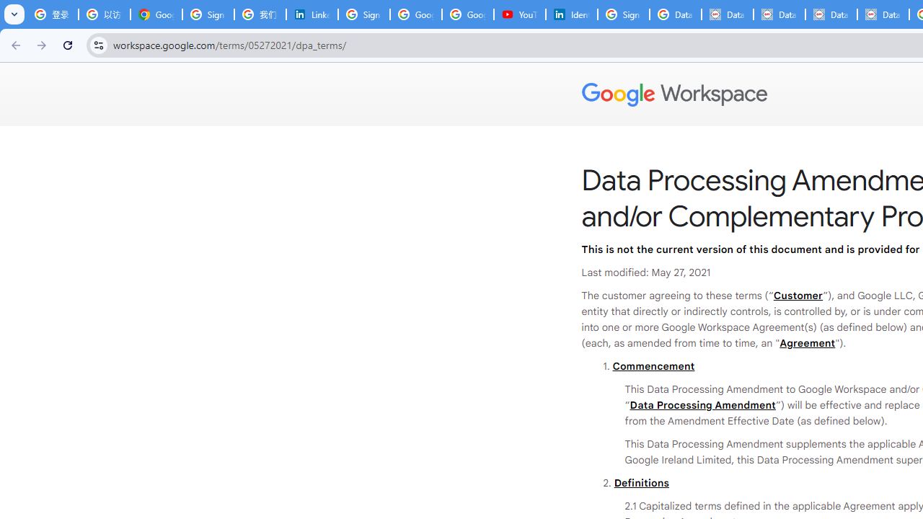 The height and width of the screenshot is (519, 923). Describe the element at coordinates (311, 14) in the screenshot. I see `'LinkedIn Privacy Policy'` at that location.